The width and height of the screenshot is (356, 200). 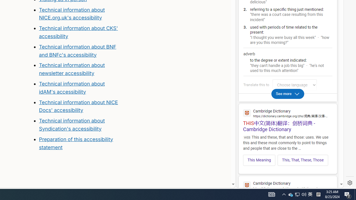 What do you see at coordinates (247, 185) in the screenshot?
I see `'Global web icon'` at bounding box center [247, 185].